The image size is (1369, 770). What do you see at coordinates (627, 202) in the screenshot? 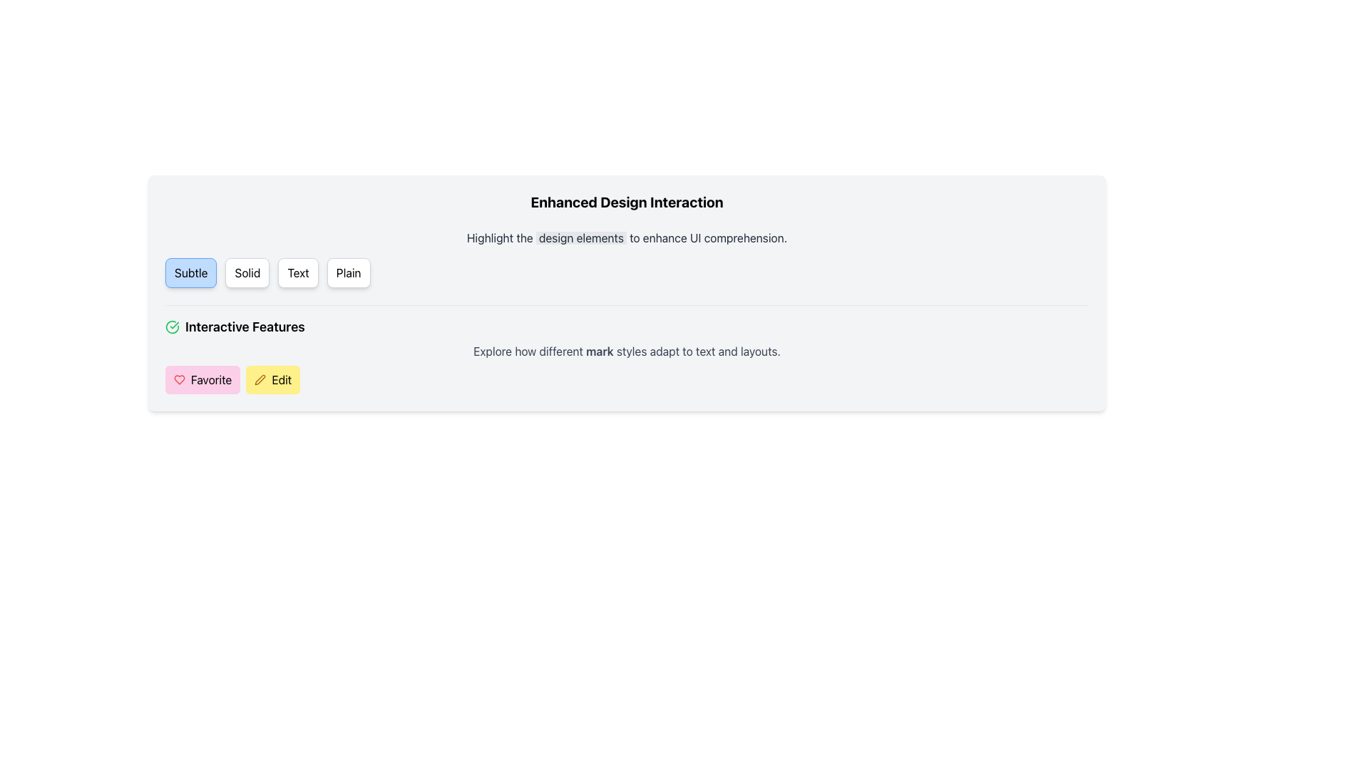
I see `text from the Text Label that serves as a section title, providing context for the content described below` at bounding box center [627, 202].